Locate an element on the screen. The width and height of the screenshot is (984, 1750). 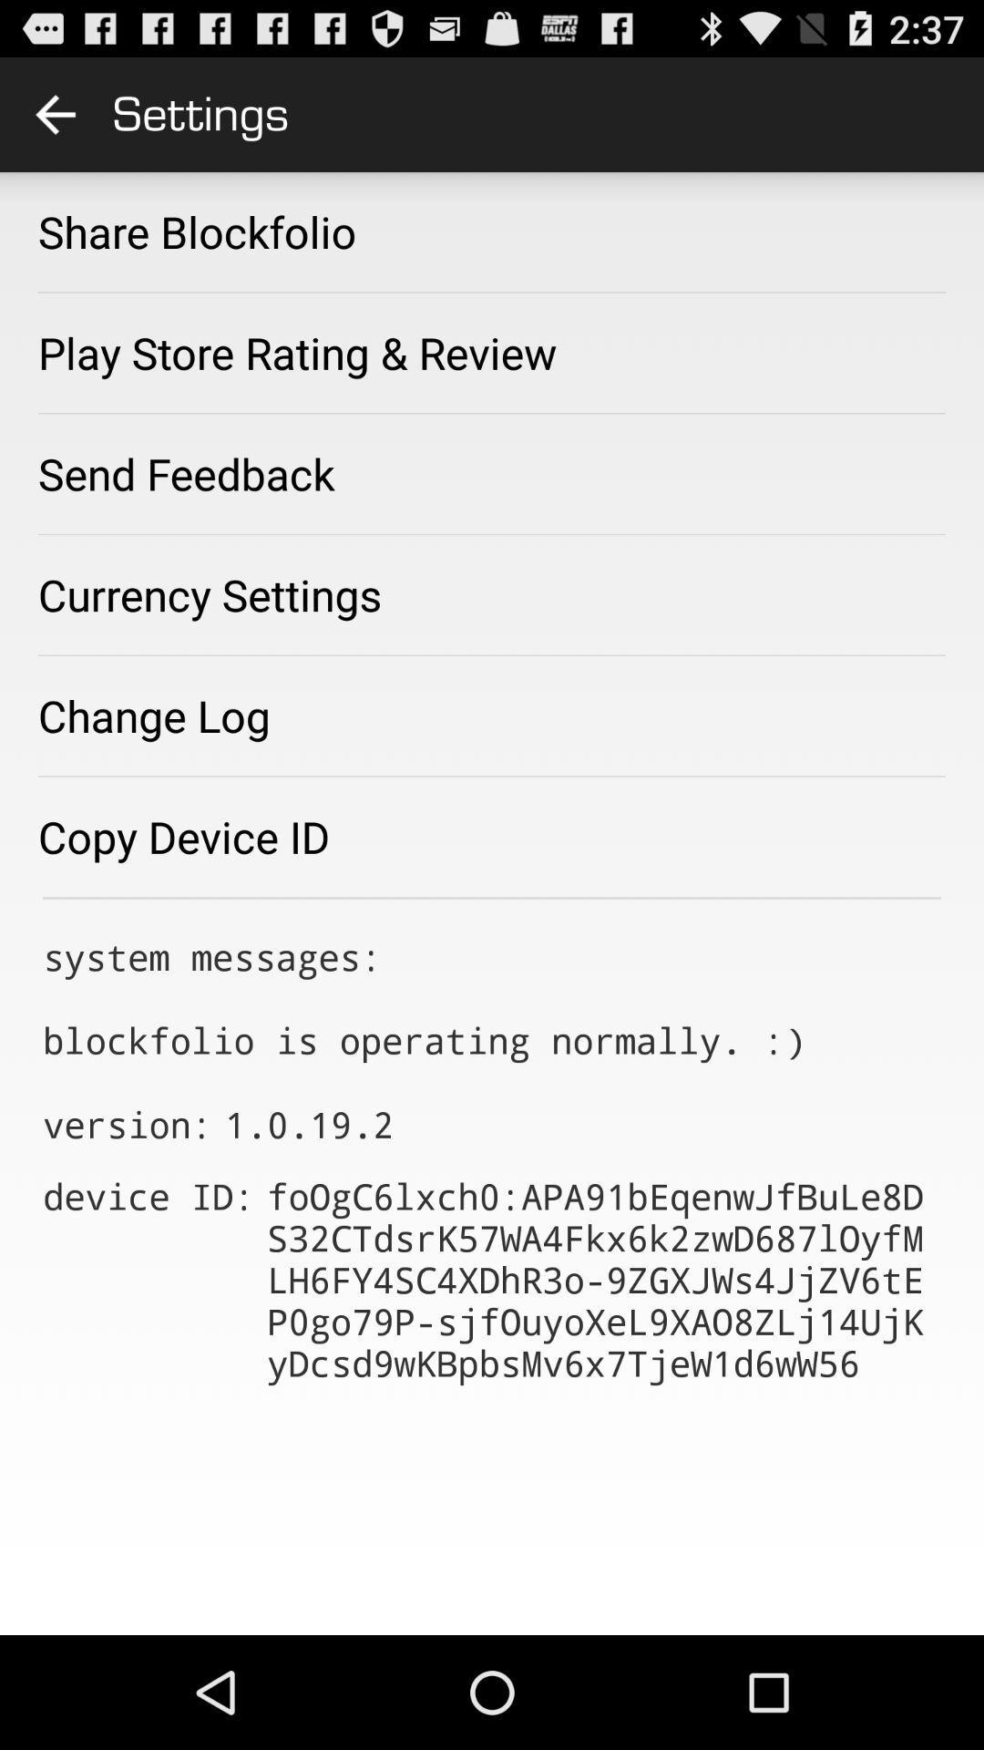
app above the version: is located at coordinates (424, 997).